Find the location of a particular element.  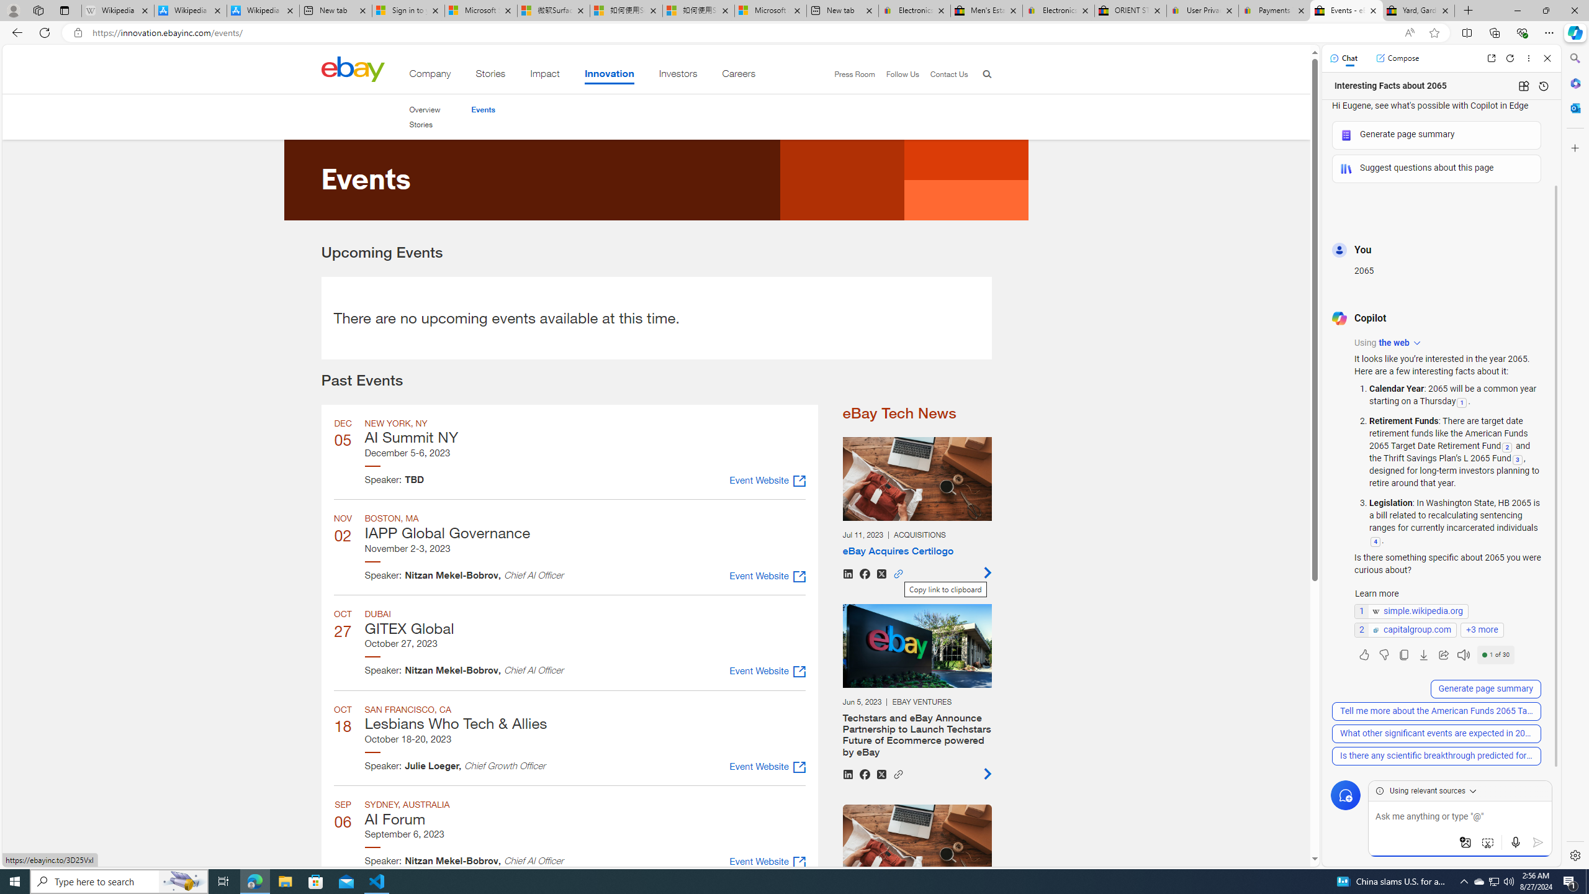

'Events' is located at coordinates (483, 109).